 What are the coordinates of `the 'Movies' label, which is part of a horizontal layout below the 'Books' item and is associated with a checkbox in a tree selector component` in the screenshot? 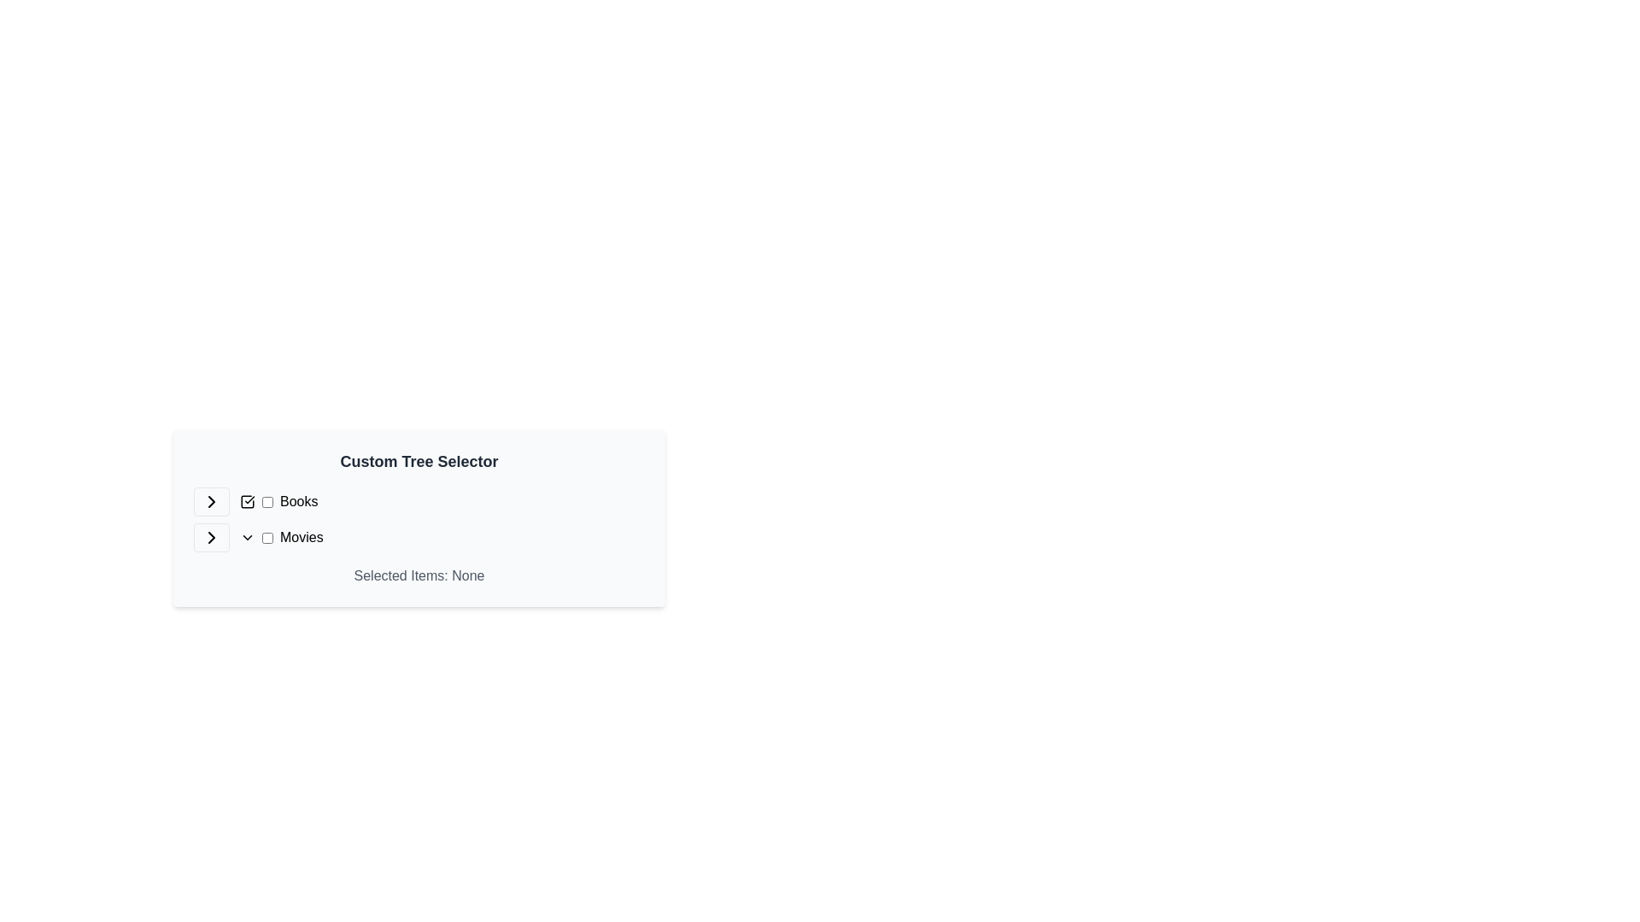 It's located at (302, 536).